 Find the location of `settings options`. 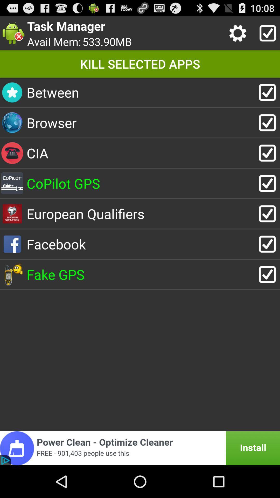

settings options is located at coordinates (239, 33).